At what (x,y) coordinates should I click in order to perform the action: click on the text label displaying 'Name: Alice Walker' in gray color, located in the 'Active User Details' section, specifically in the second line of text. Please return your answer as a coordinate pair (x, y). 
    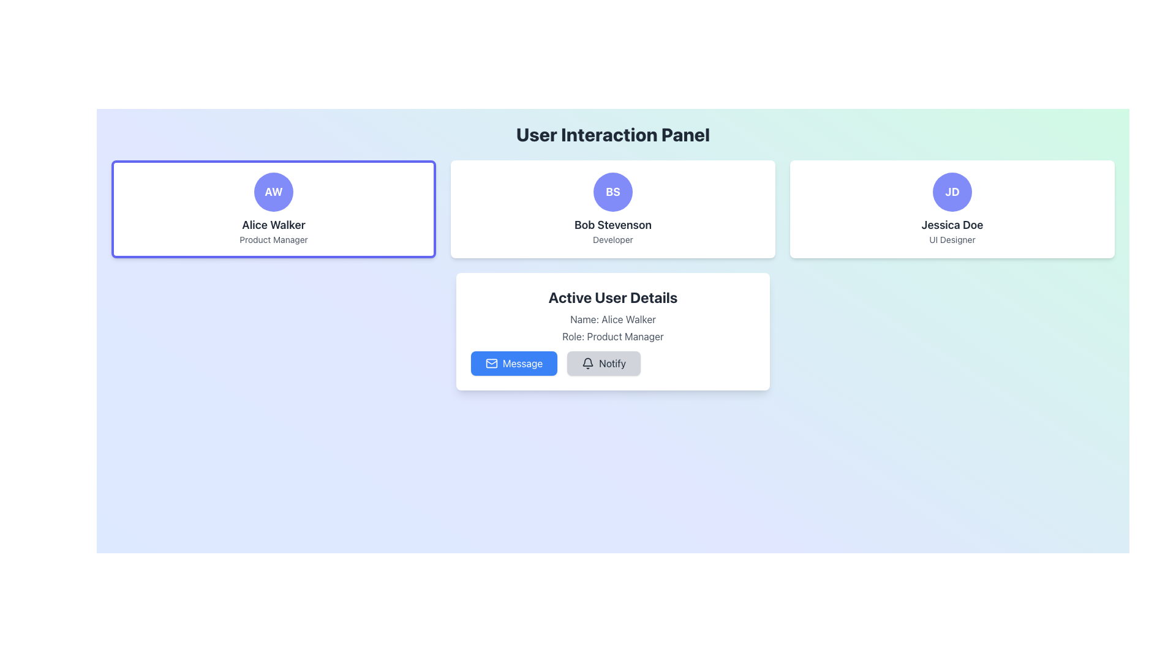
    Looking at the image, I should click on (613, 318).